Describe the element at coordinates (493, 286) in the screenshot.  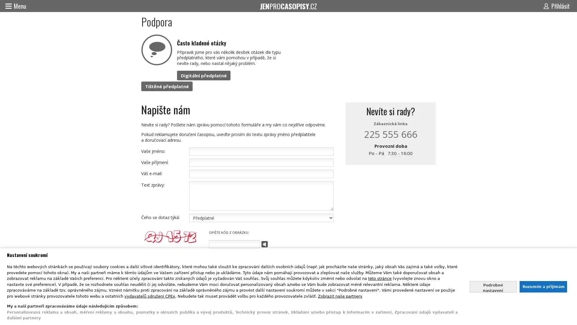
I see `Nastavte sve souhlasy` at that location.